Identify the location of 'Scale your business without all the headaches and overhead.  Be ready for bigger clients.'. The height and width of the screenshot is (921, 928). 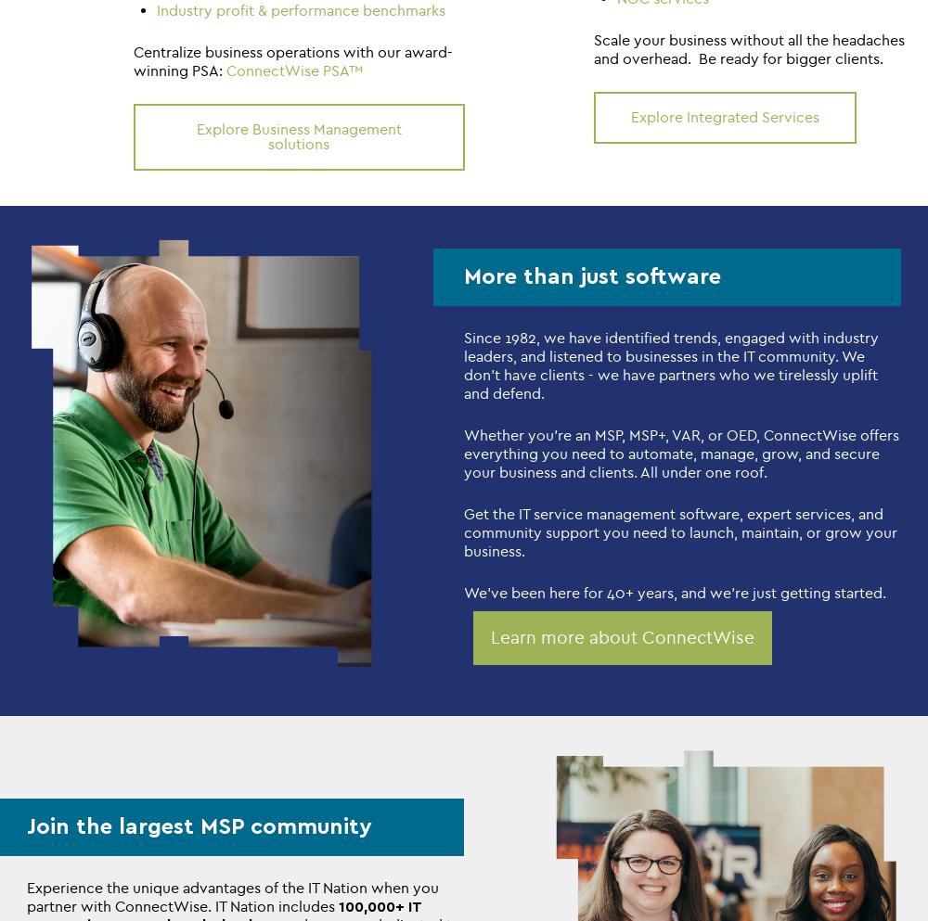
(749, 49).